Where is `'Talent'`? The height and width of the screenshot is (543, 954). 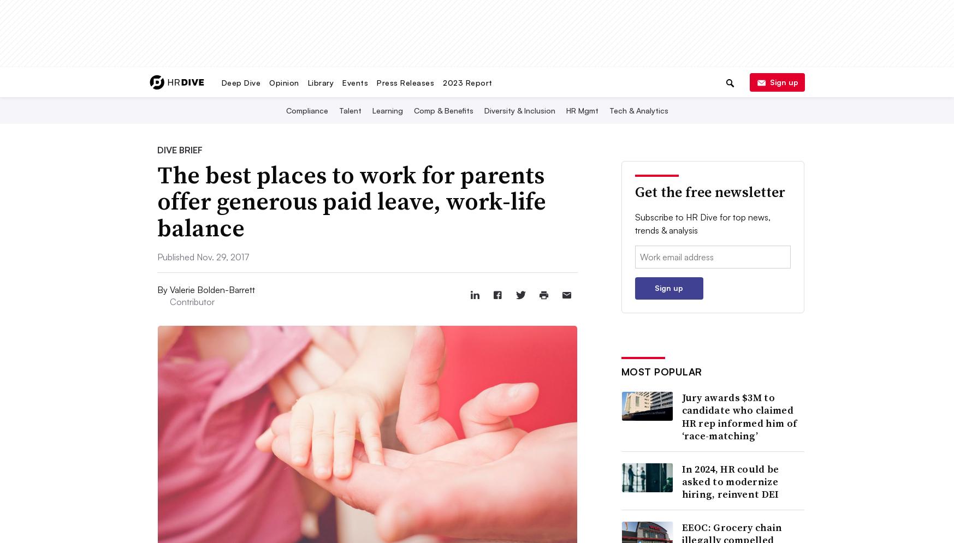 'Talent' is located at coordinates (349, 110).